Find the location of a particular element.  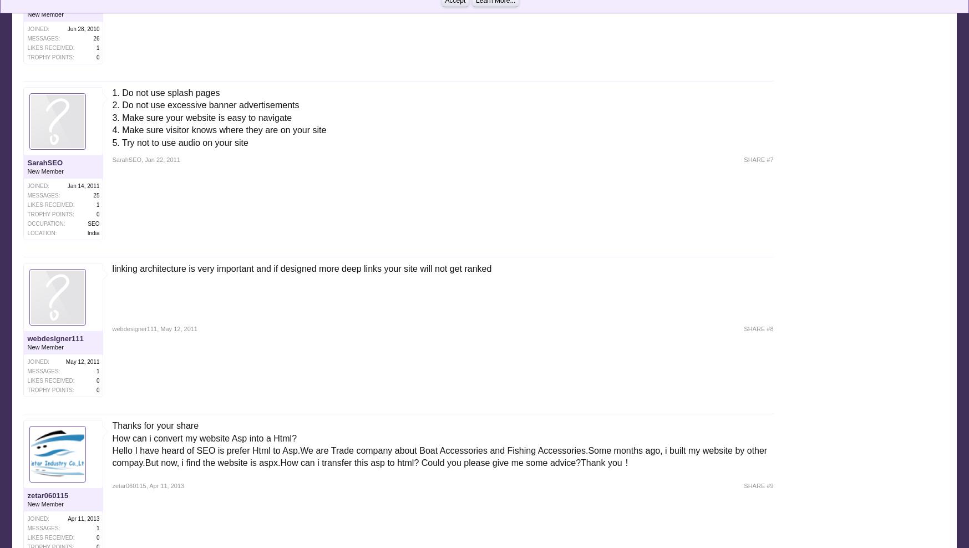

'2. Do not use excessive banner advertisements' is located at coordinates (205, 105).